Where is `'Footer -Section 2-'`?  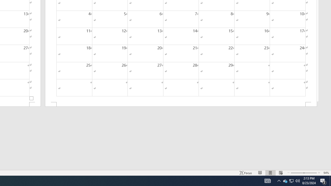 'Footer -Section 2-' is located at coordinates (181, 104).